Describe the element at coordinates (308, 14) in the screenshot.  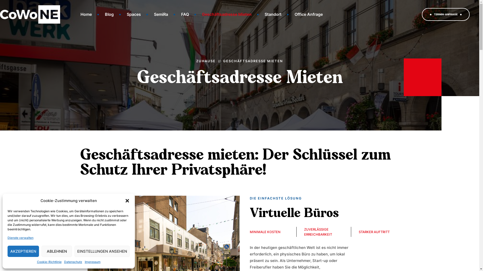
I see `'Office Anfrage'` at that location.